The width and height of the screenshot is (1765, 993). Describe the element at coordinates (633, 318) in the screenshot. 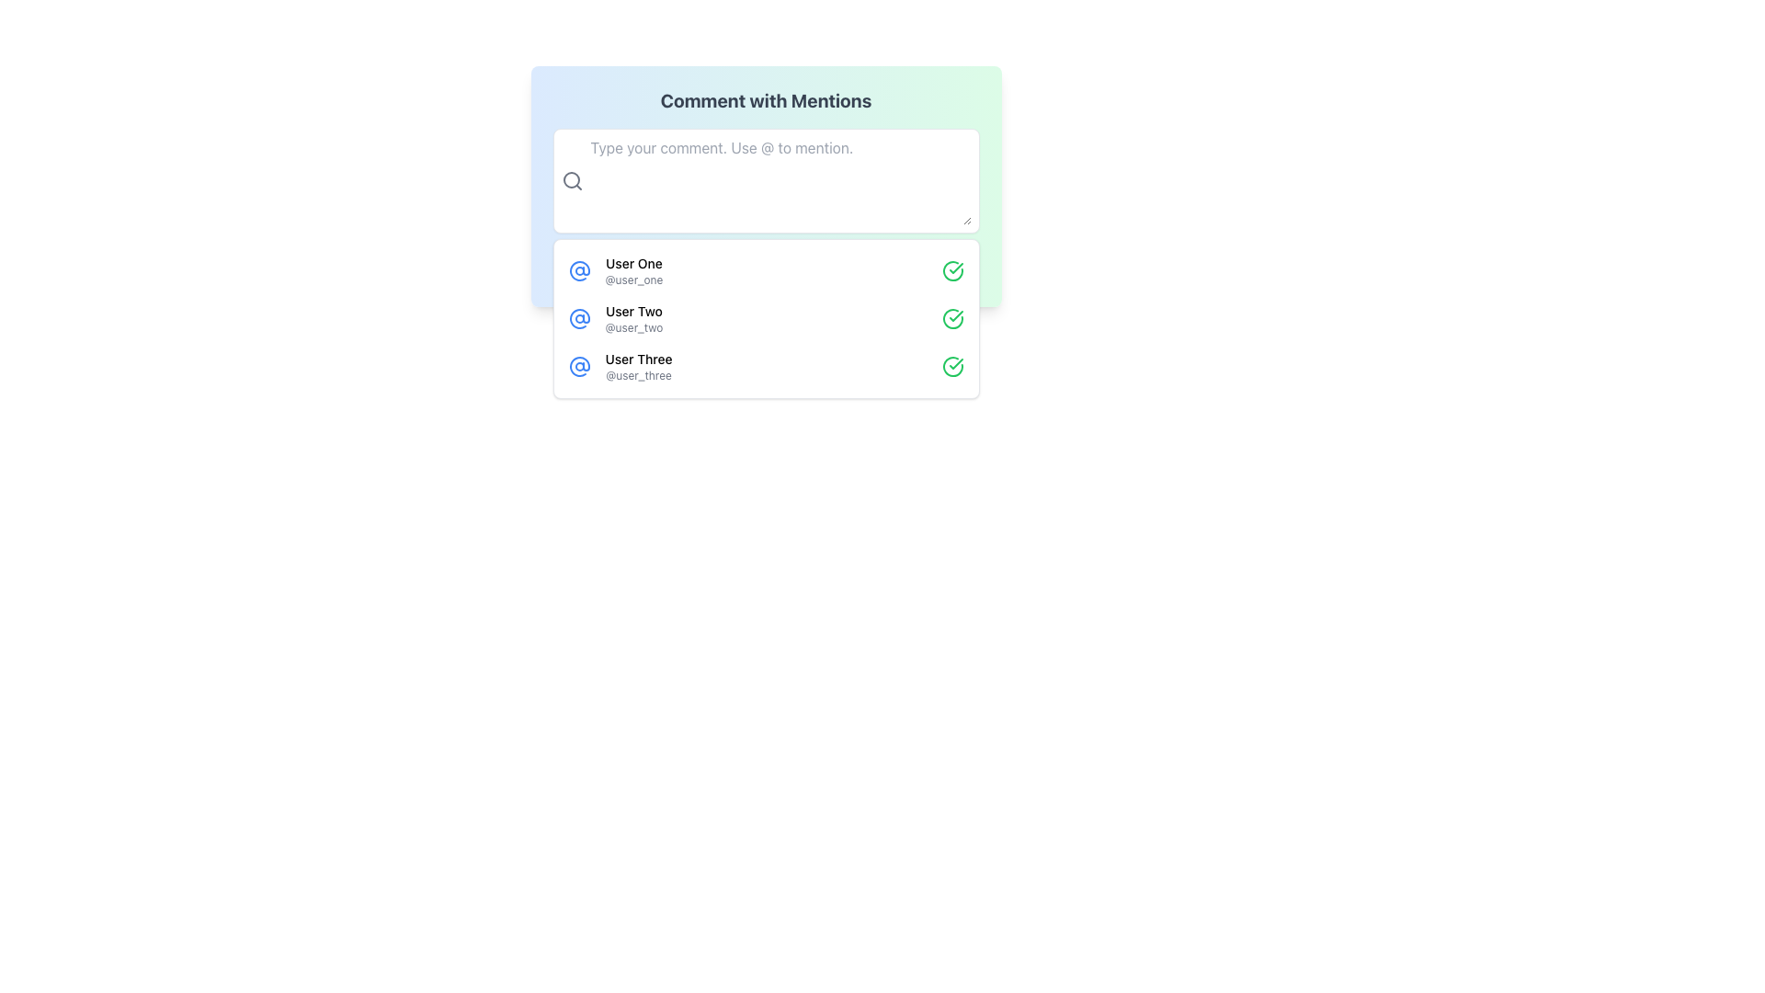

I see `the selectable list item displaying a user's profile name and handle, located in the second row of the user mentions list` at that location.